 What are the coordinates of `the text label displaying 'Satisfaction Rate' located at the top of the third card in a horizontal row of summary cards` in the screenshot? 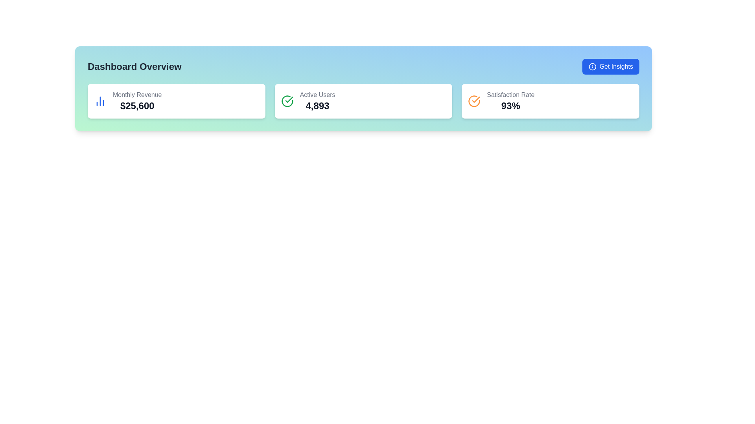 It's located at (510, 95).